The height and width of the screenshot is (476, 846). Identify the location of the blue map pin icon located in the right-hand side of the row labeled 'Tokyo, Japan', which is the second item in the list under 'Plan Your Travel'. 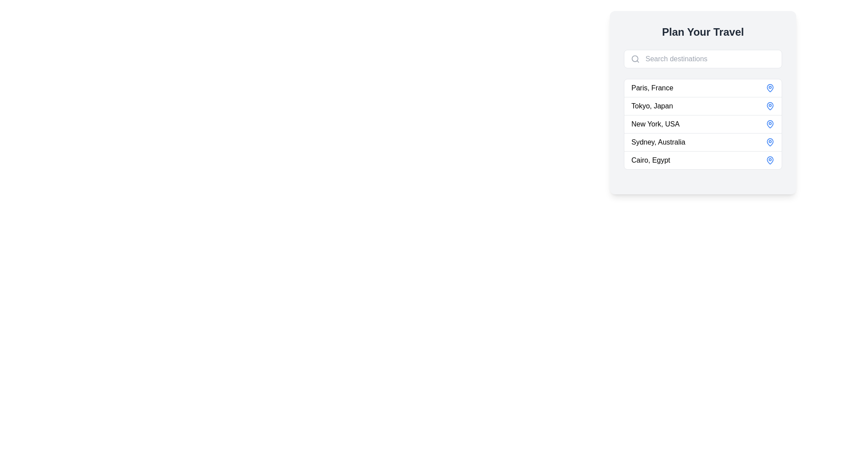
(769, 105).